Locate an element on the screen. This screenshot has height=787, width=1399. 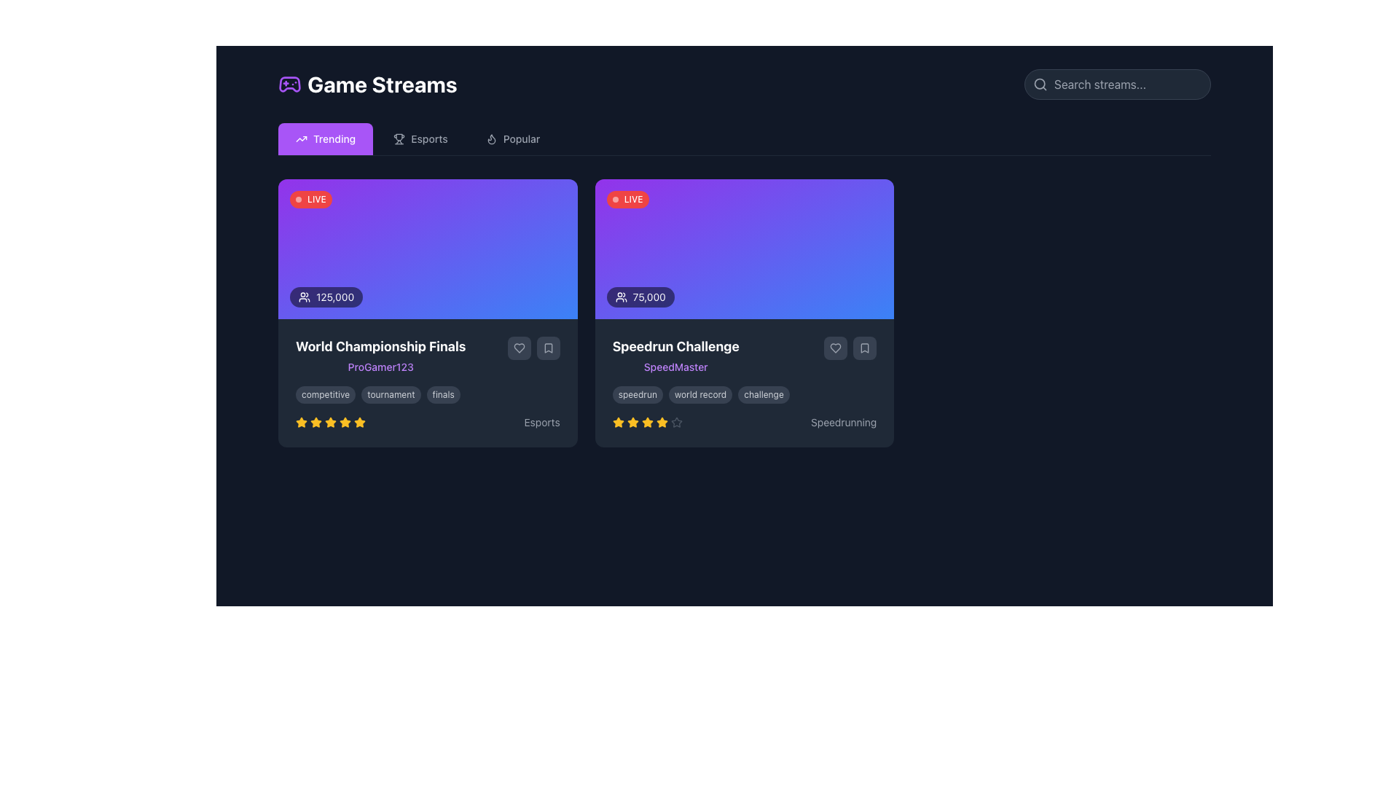
the fifth yellow star icon in the rating row of the 'World Championship Finals' card is located at coordinates (345, 422).